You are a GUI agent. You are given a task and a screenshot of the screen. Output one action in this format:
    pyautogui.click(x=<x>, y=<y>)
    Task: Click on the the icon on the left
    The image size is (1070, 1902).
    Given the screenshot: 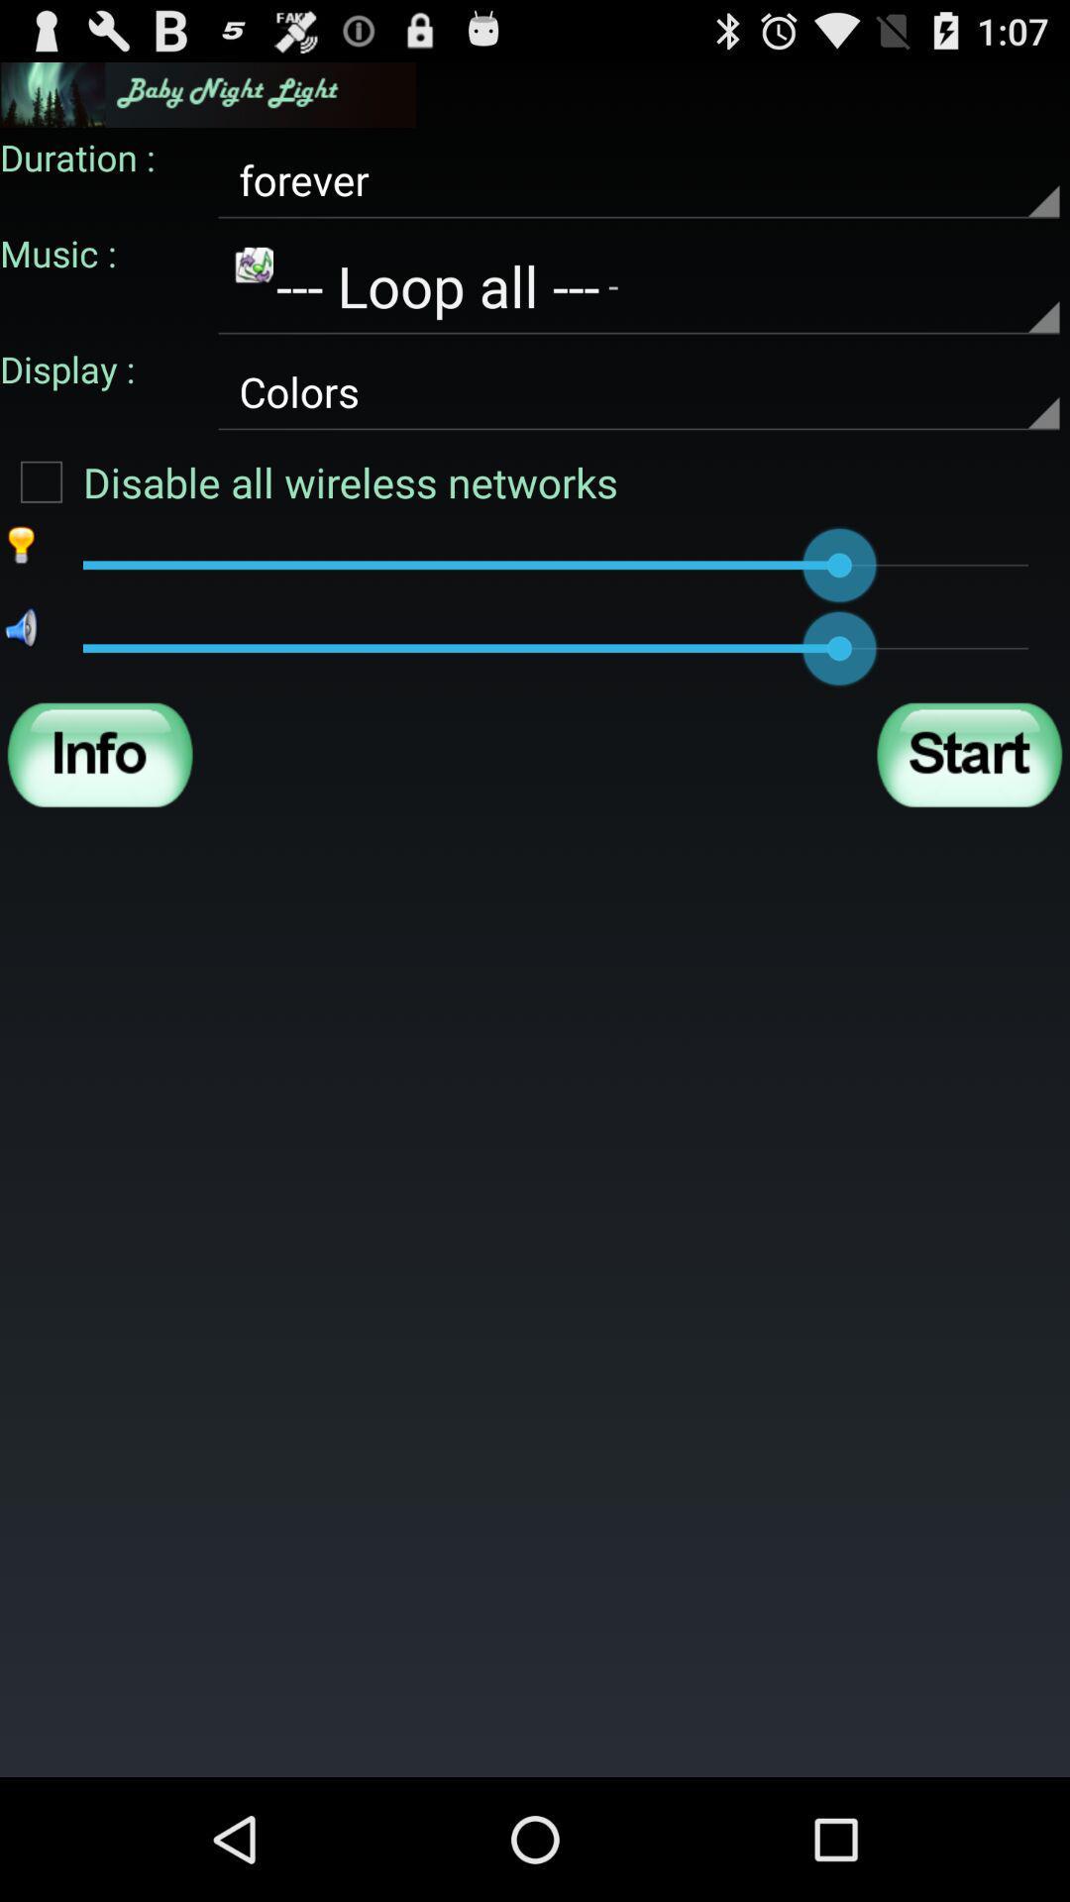 What is the action you would take?
    pyautogui.click(x=100, y=754)
    